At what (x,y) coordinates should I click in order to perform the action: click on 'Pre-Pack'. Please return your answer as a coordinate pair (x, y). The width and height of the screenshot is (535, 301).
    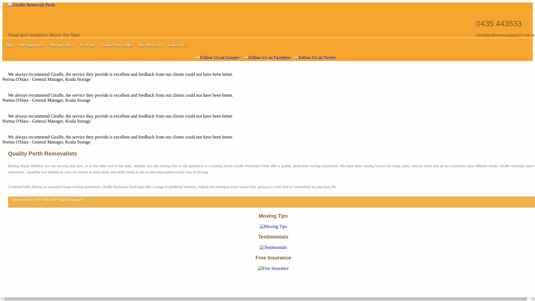
    Looking at the image, I should click on (79, 45).